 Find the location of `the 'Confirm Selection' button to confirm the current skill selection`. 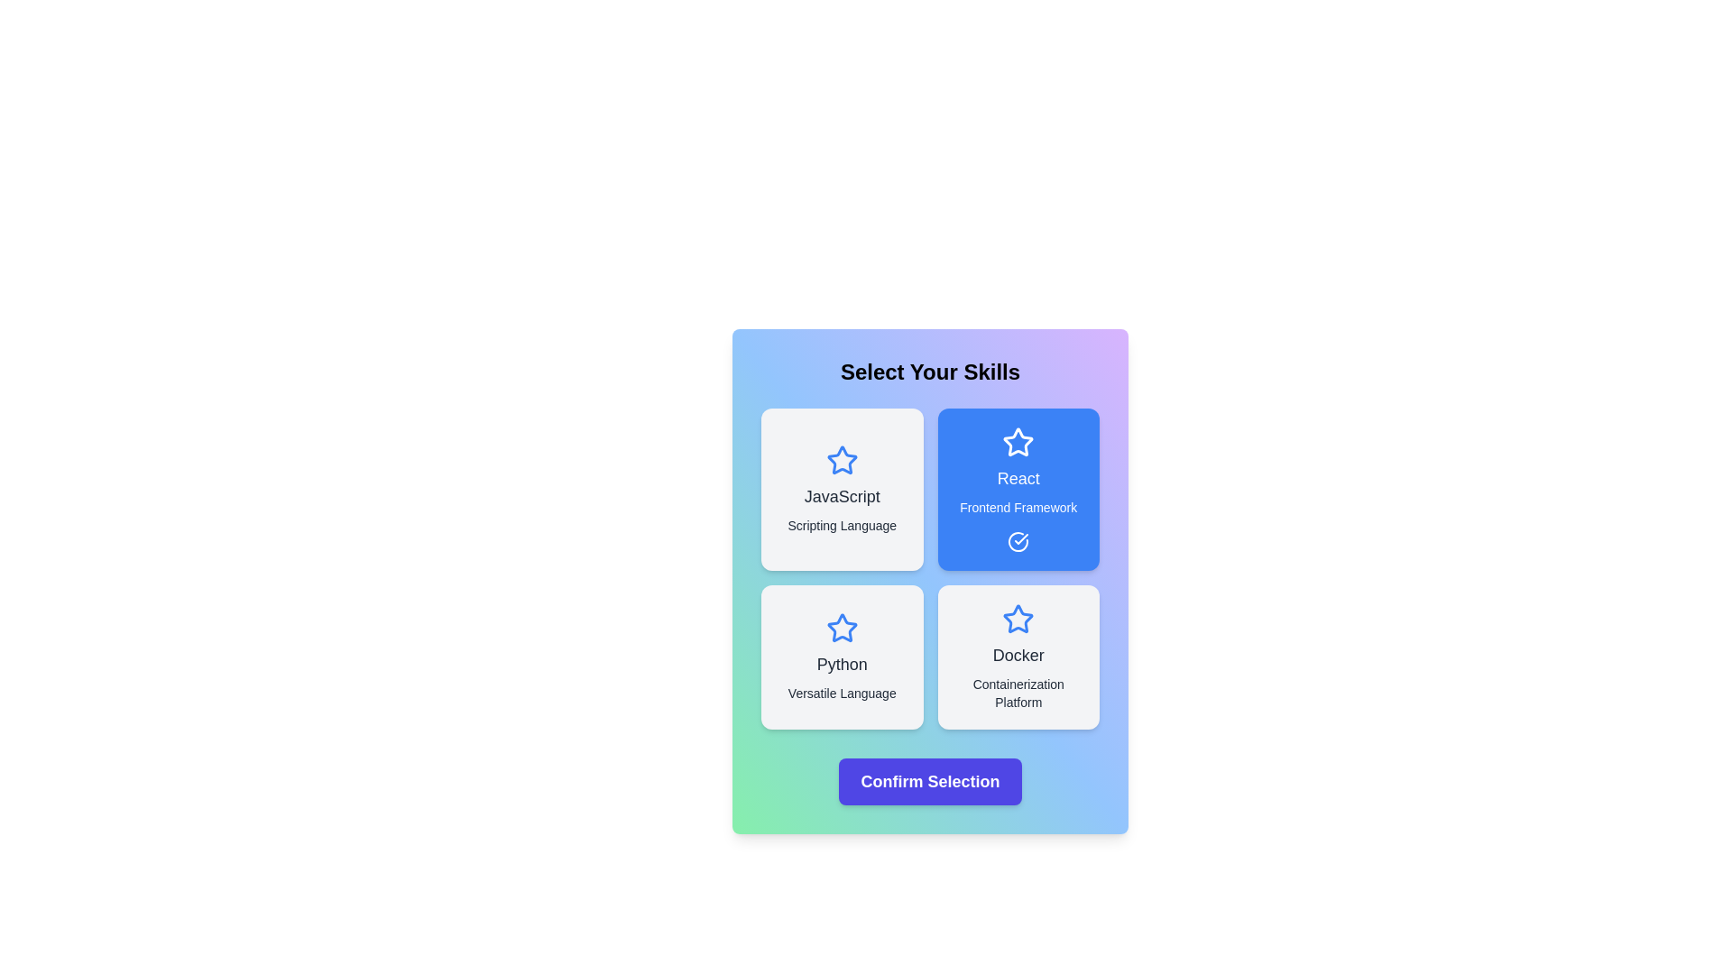

the 'Confirm Selection' button to confirm the current skill selection is located at coordinates (930, 781).